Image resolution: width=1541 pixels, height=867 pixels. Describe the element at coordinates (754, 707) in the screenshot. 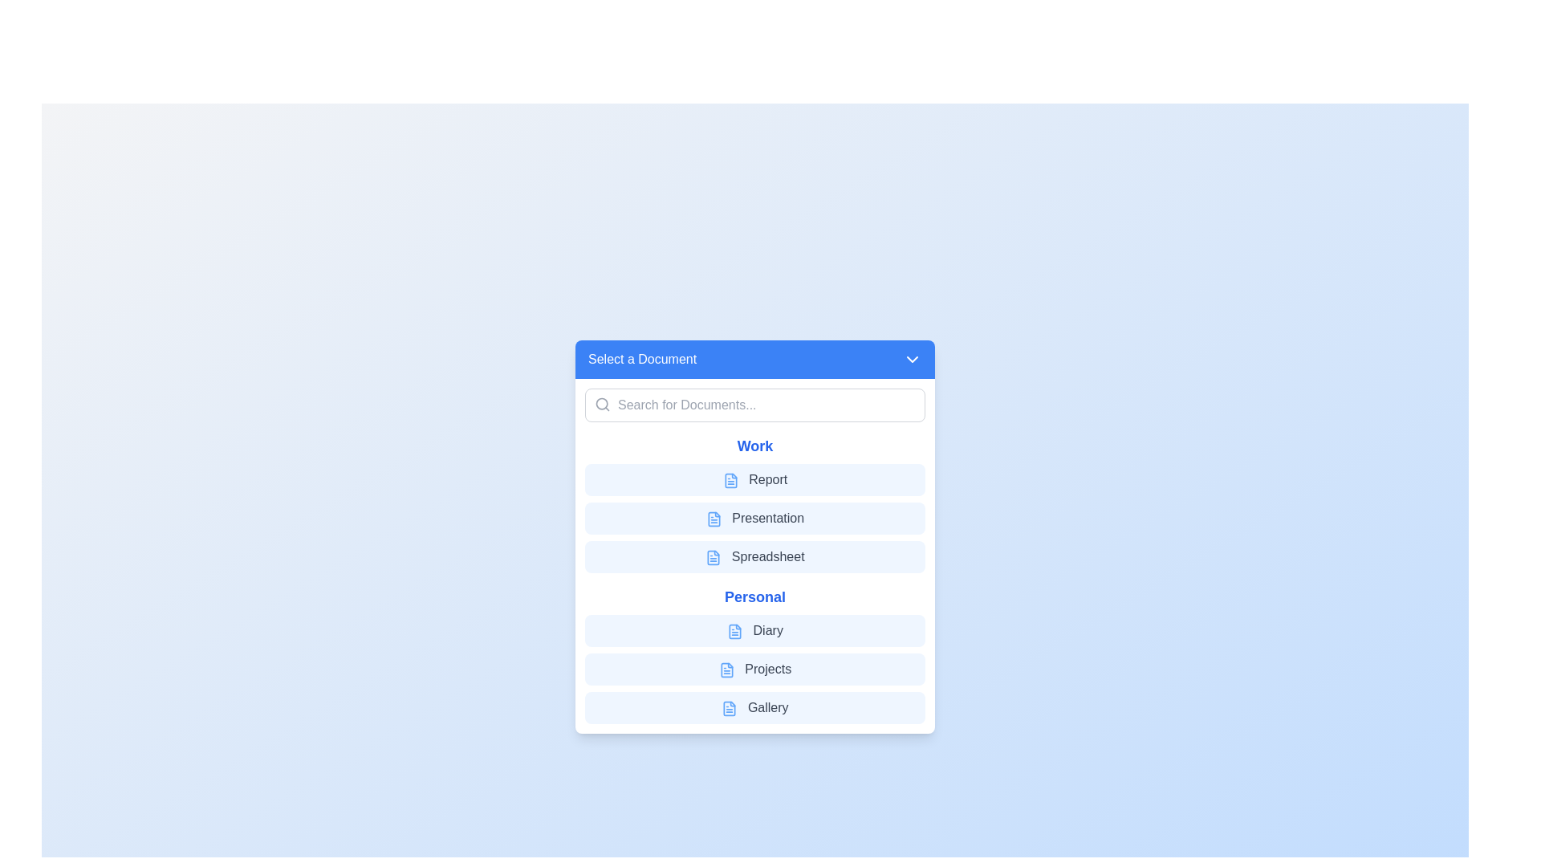

I see `the navigational button located at the bottom of the 'Personal' category to trigger visual feedback` at that location.